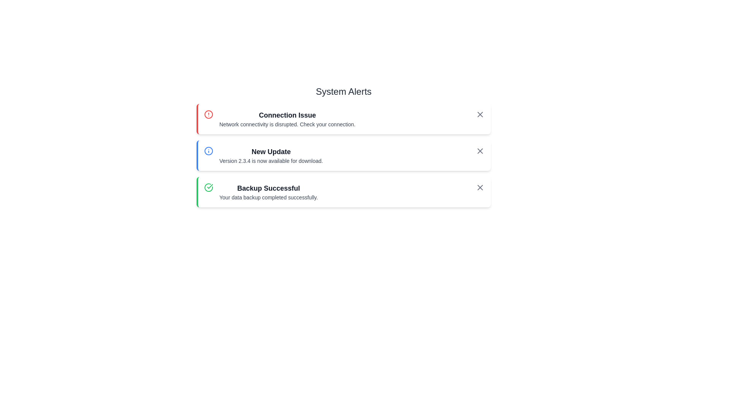 The width and height of the screenshot is (730, 411). I want to click on the 'Backup Successful' notification icon located at the leftmost side of the card for more information, so click(208, 188).